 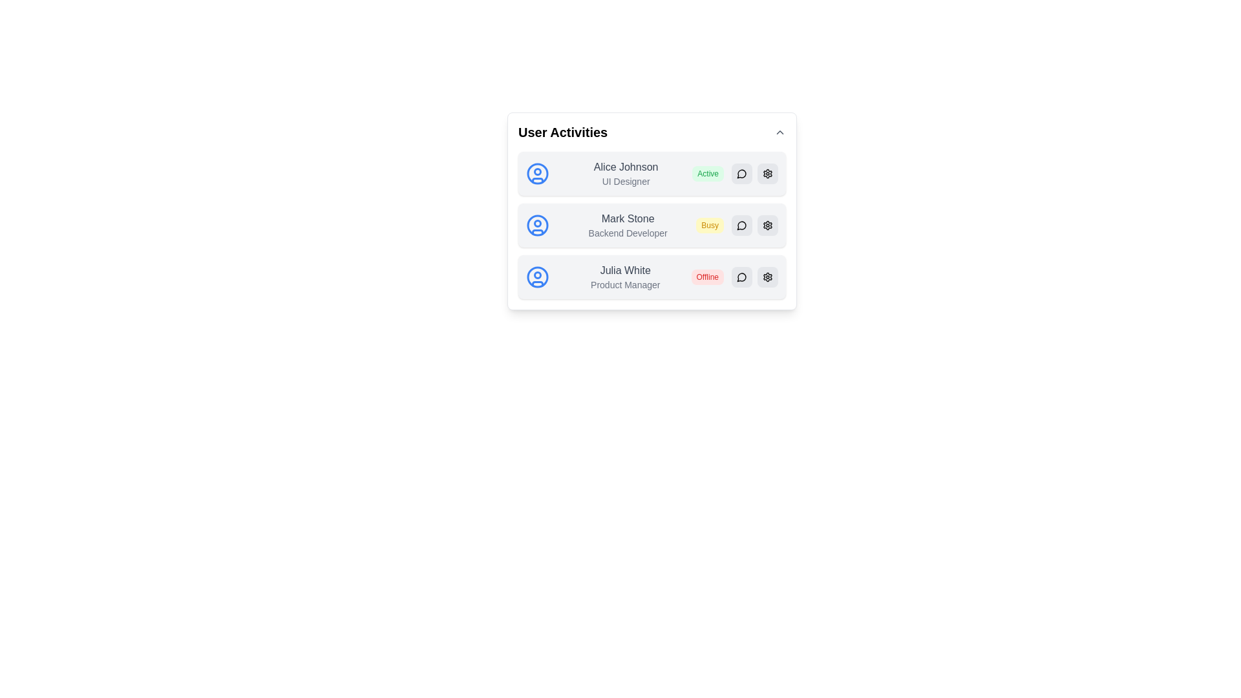 I want to click on the label displaying 'Julia White' and 'Product Manager' in the 'User Activities' list, located between the blue user icon and the status badge, so click(x=625, y=276).